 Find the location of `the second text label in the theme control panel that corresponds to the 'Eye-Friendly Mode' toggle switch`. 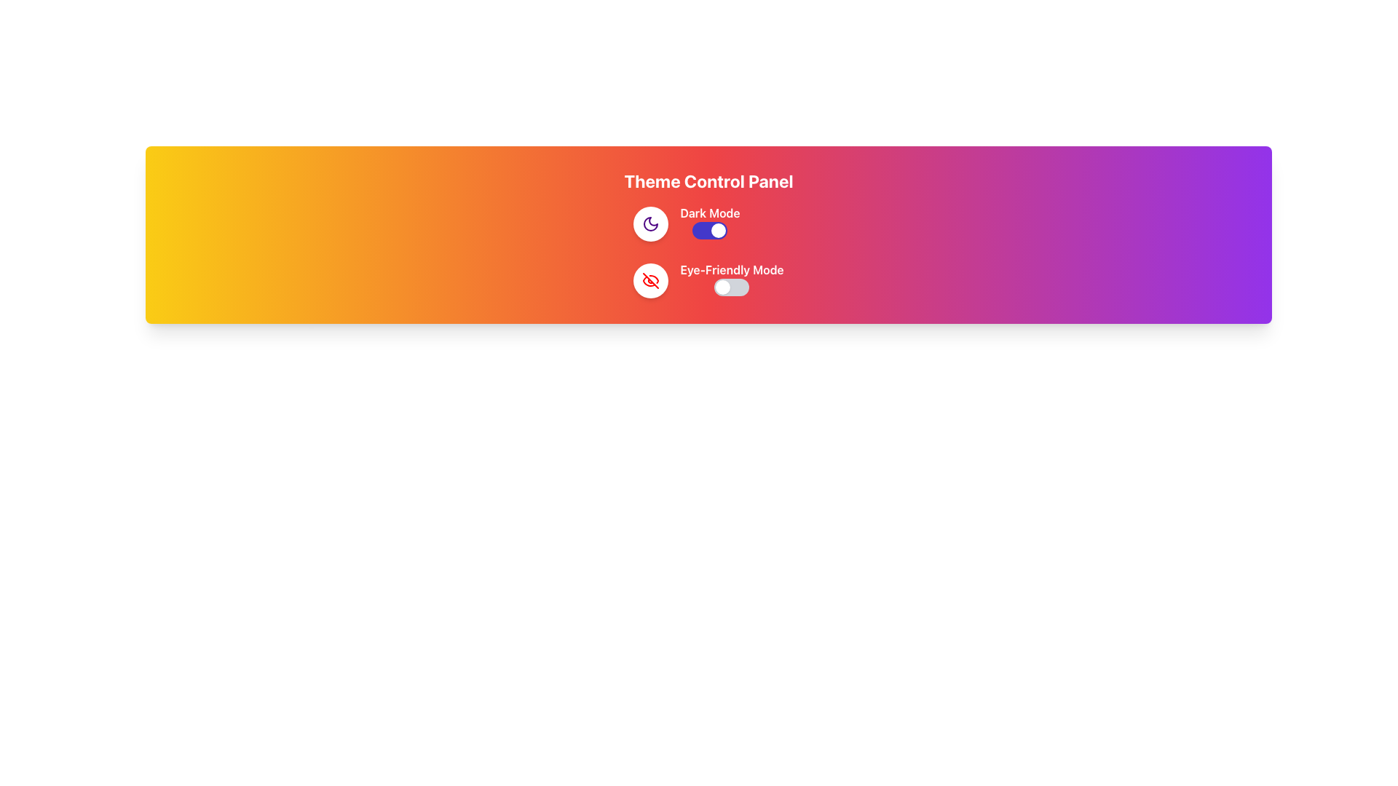

the second text label in the theme control panel that corresponds to the 'Eye-Friendly Mode' toggle switch is located at coordinates (732, 269).